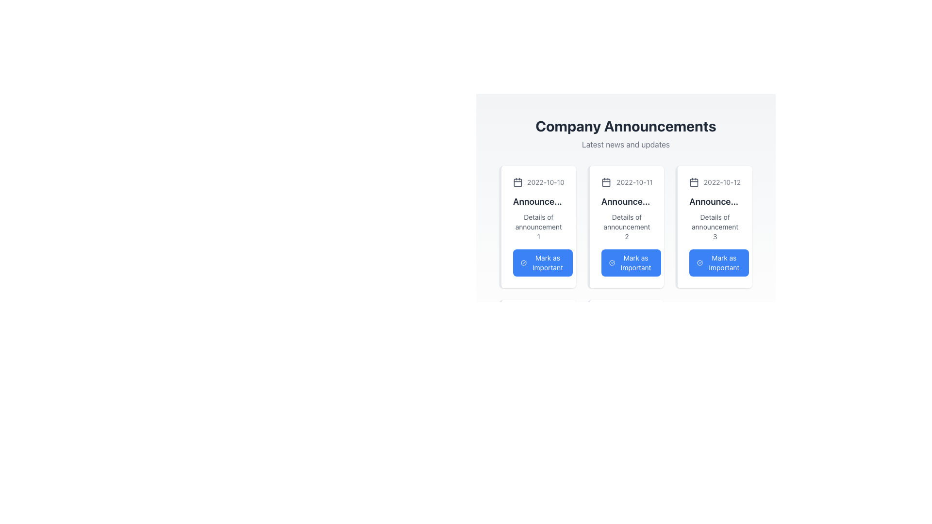 The width and height of the screenshot is (932, 524). Describe the element at coordinates (694, 182) in the screenshot. I see `the calendar icon located at the top-left corner of the card displaying the date '2022-10-12'` at that location.